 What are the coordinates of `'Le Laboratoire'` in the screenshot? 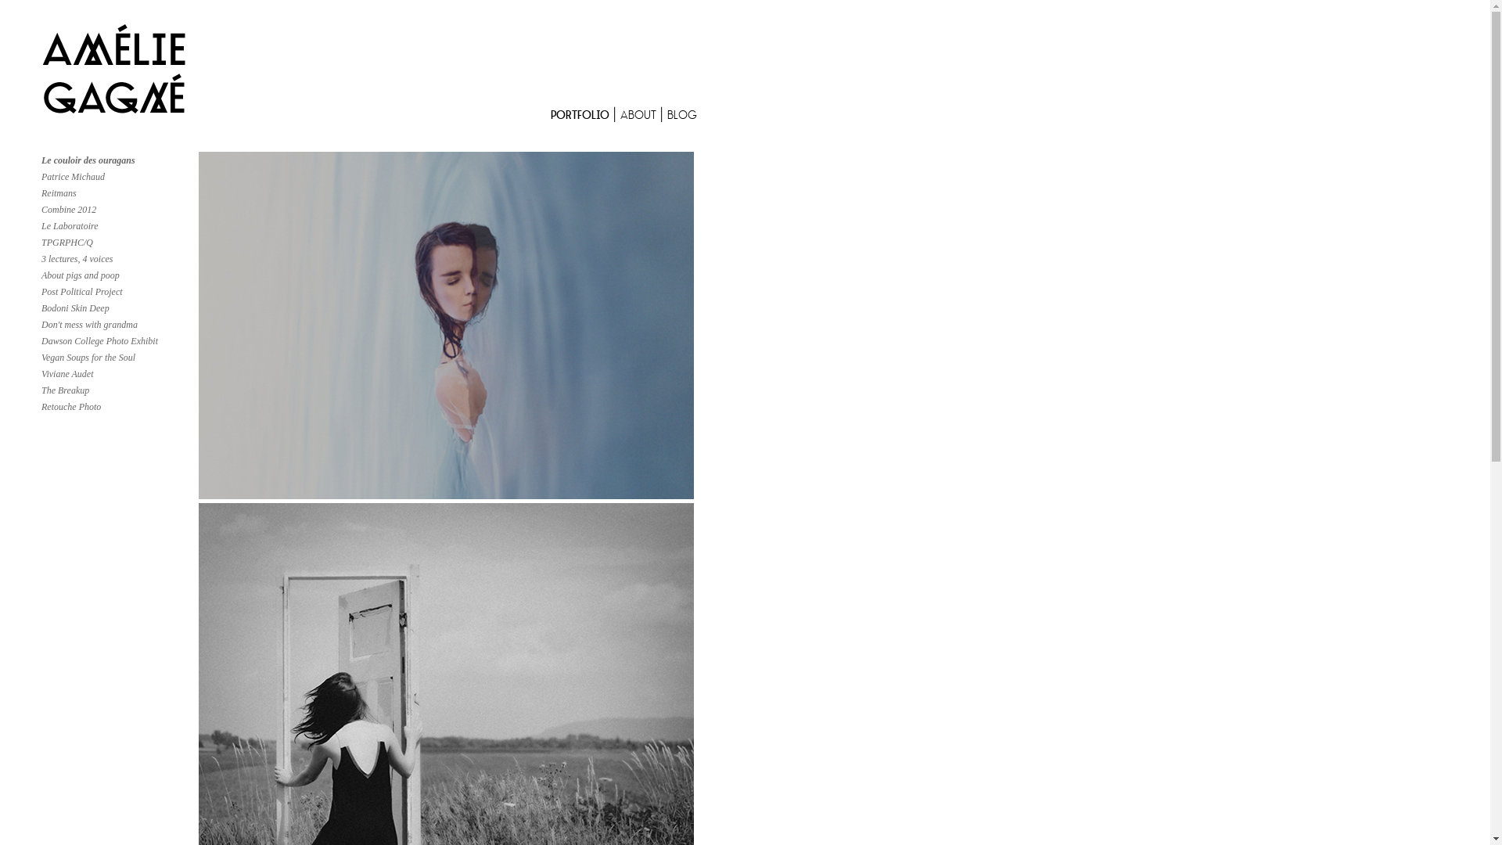 It's located at (69, 226).